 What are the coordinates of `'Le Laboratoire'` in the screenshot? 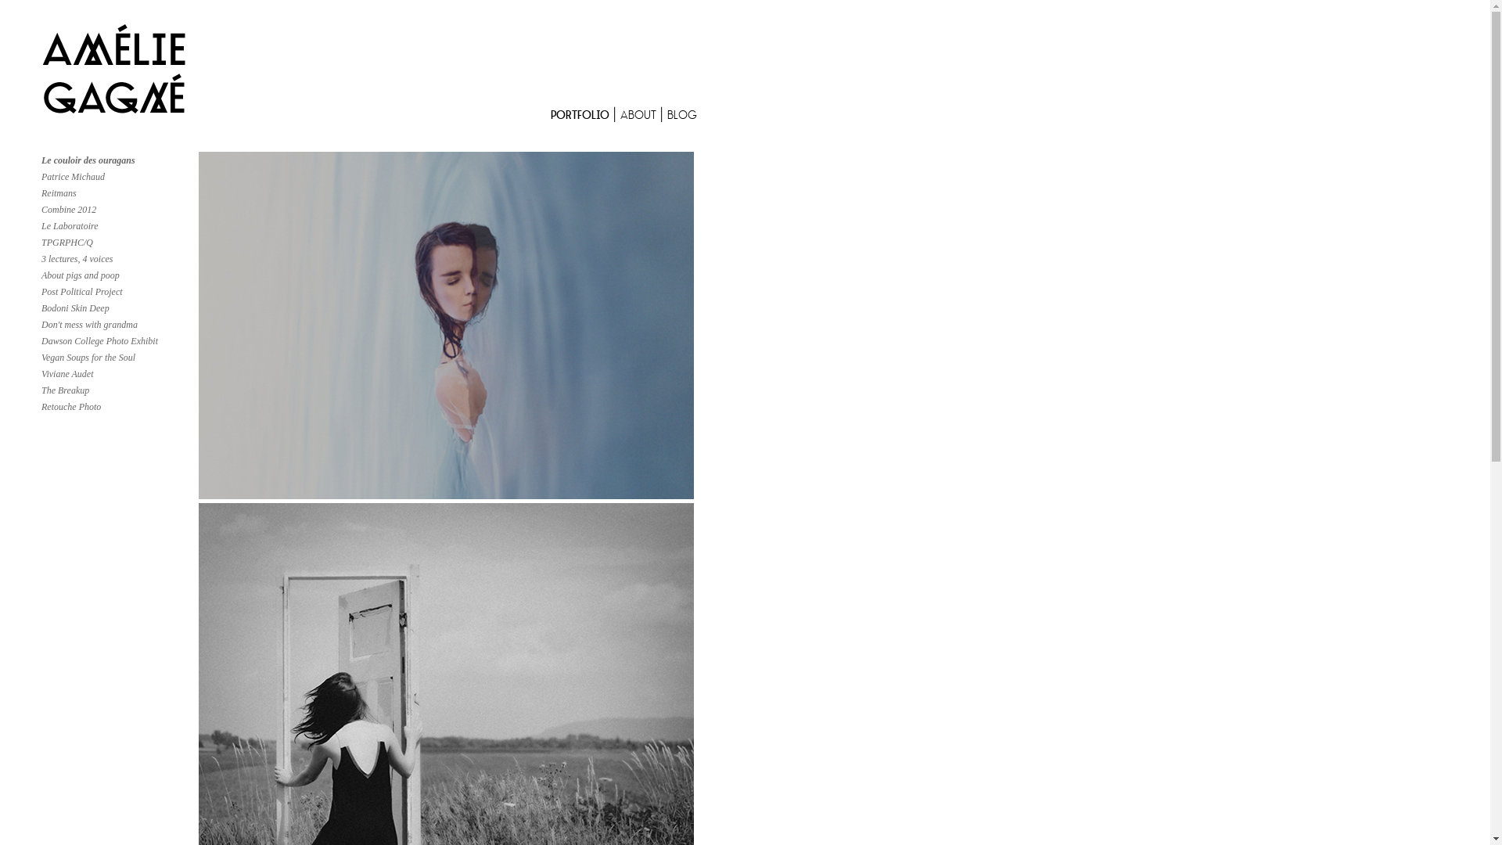 It's located at (69, 226).